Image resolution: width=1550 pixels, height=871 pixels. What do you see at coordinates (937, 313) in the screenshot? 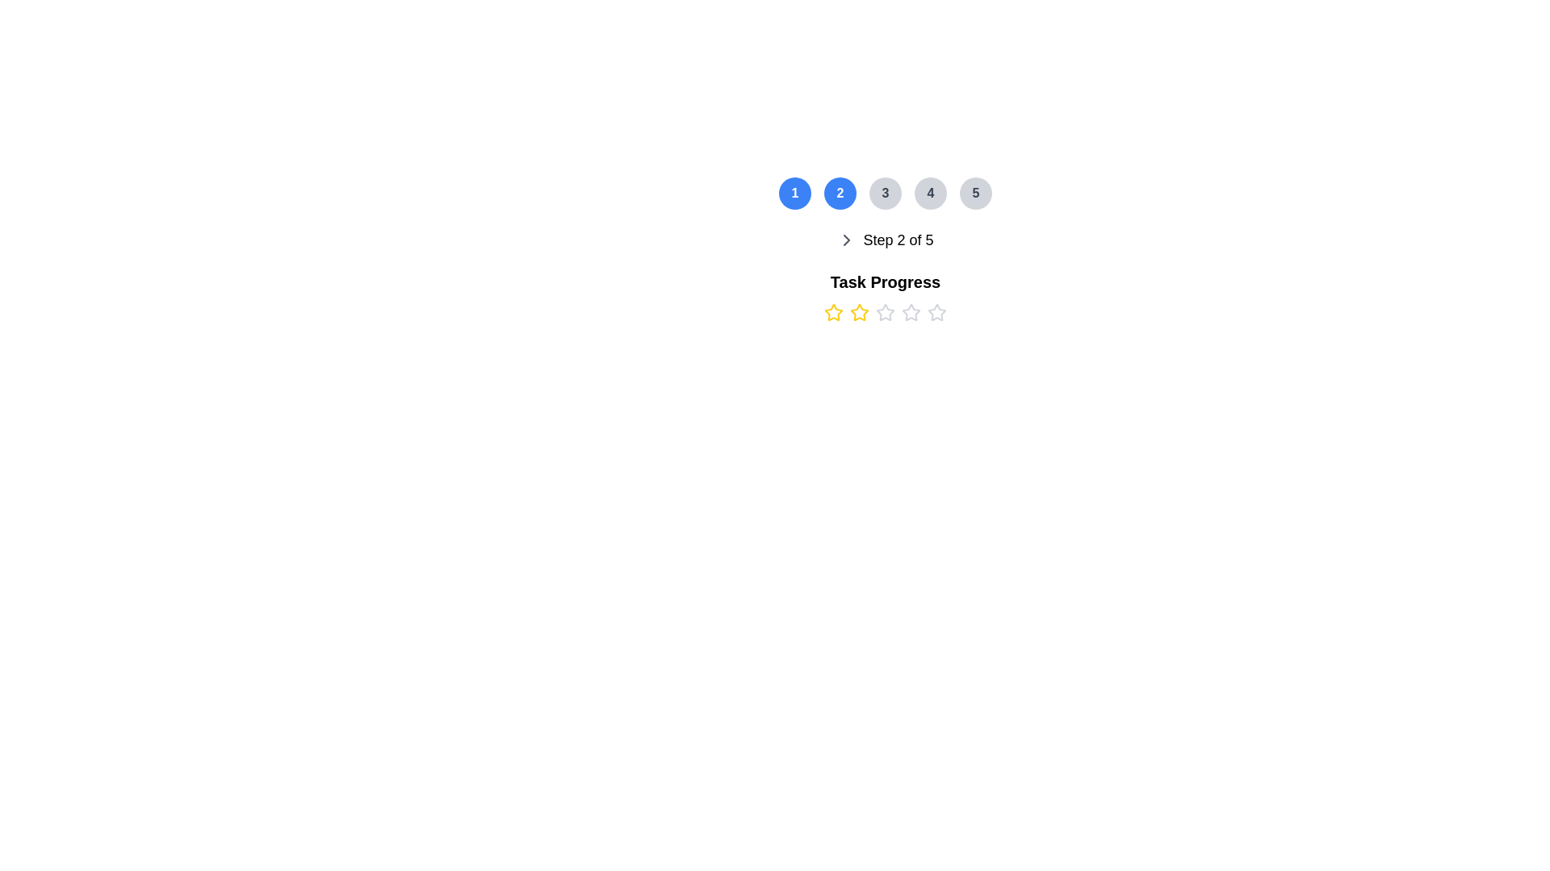
I see `the rightmost empty star icon in the sequence of five rating stars below the 'Task Progress' label` at bounding box center [937, 313].